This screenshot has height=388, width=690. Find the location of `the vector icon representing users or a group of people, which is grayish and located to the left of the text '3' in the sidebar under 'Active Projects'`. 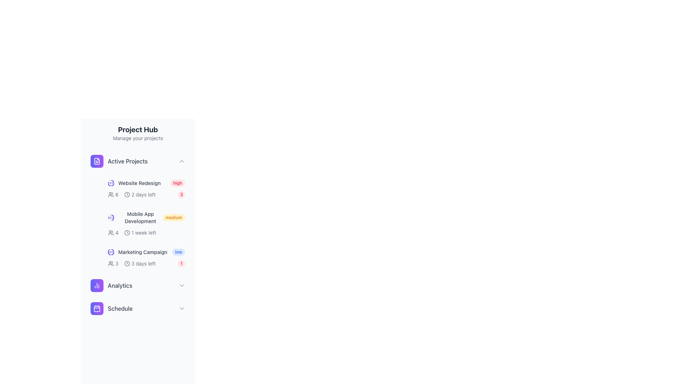

the vector icon representing users or a group of people, which is grayish and located to the left of the text '3' in the sidebar under 'Active Projects' is located at coordinates (110, 263).